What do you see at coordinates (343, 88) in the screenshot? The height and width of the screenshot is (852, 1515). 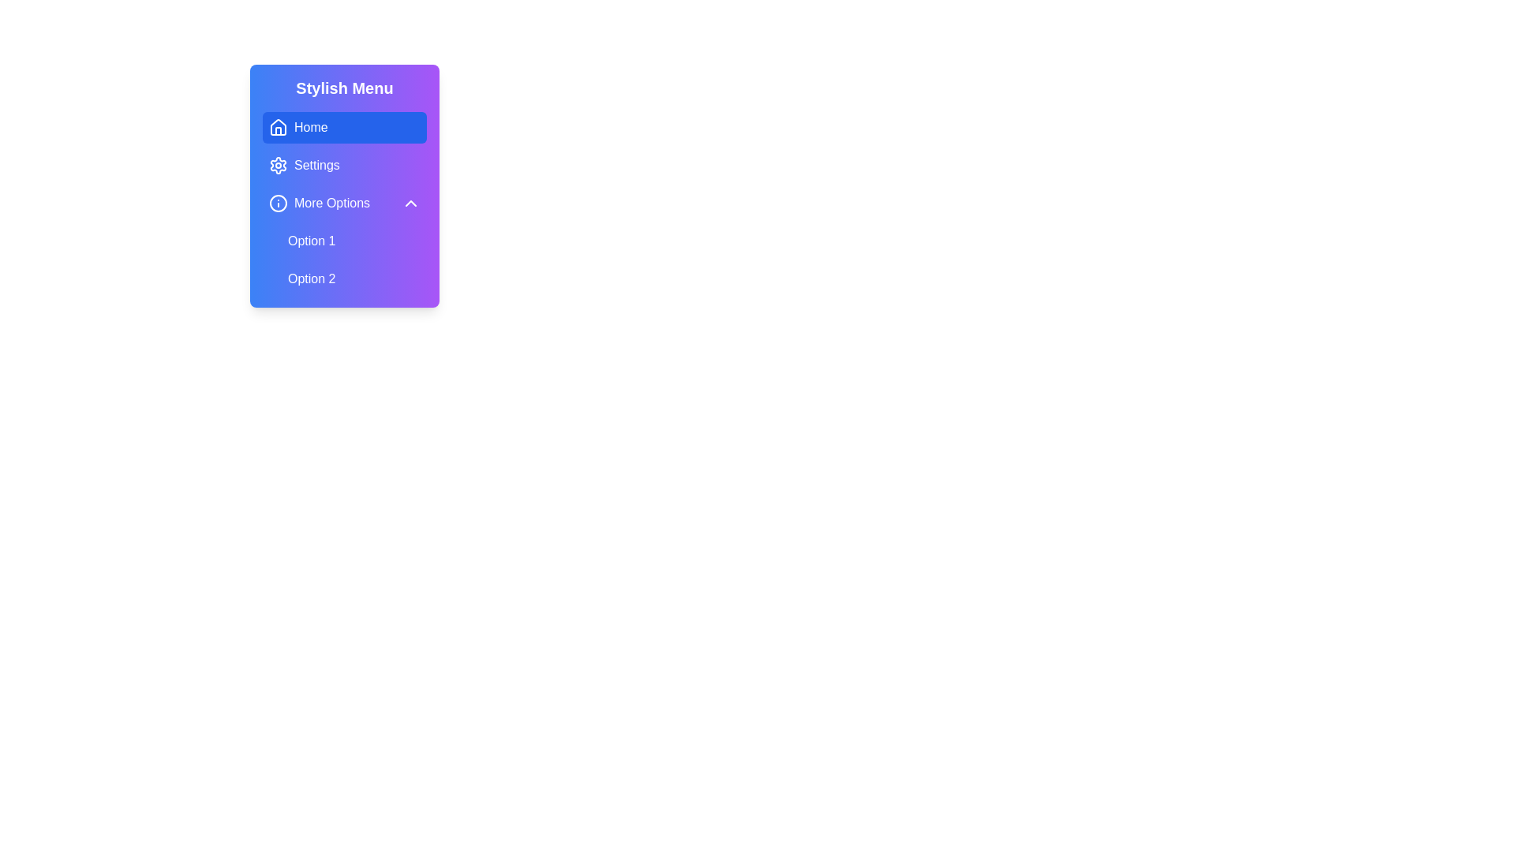 I see `the text label reading 'Stylish Menu' which is styled with a bold and large font, located at the top of a vertically oriented sidebar with a gradient background` at bounding box center [343, 88].